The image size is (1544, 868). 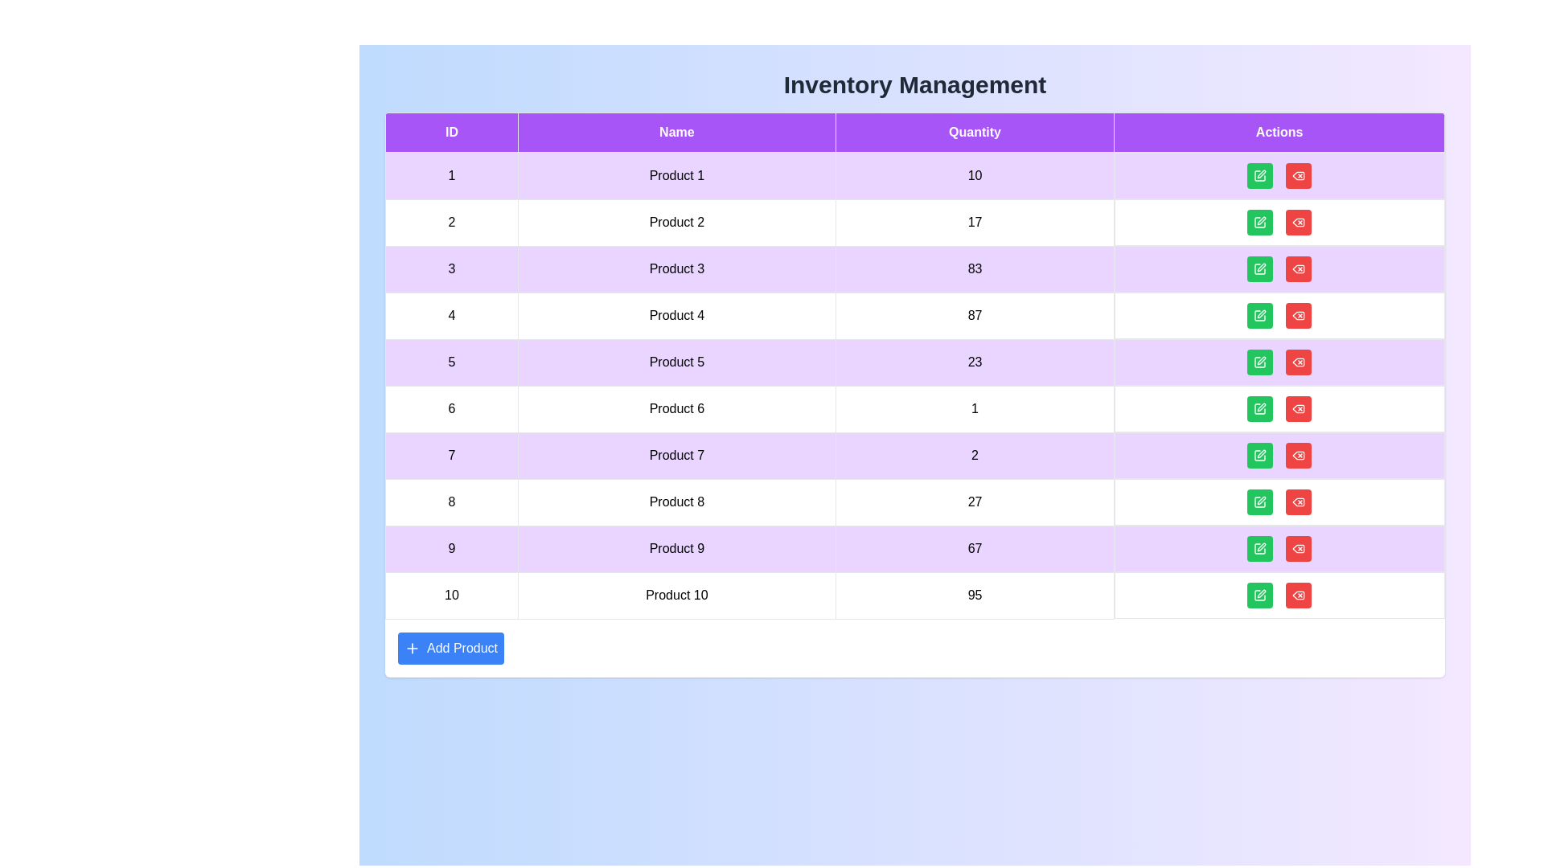 What do you see at coordinates (1259, 176) in the screenshot?
I see `the green edit button for the product` at bounding box center [1259, 176].